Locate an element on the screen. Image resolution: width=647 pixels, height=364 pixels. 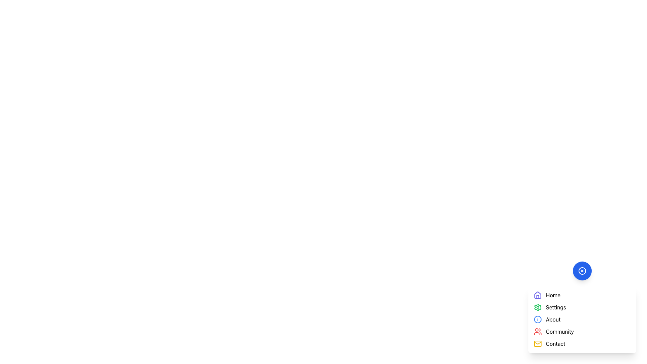
the 'About' text label in the vertical menu is located at coordinates (553, 319).